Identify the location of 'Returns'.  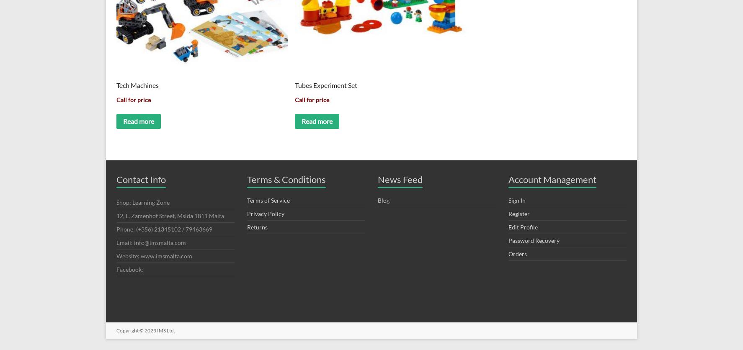
(247, 226).